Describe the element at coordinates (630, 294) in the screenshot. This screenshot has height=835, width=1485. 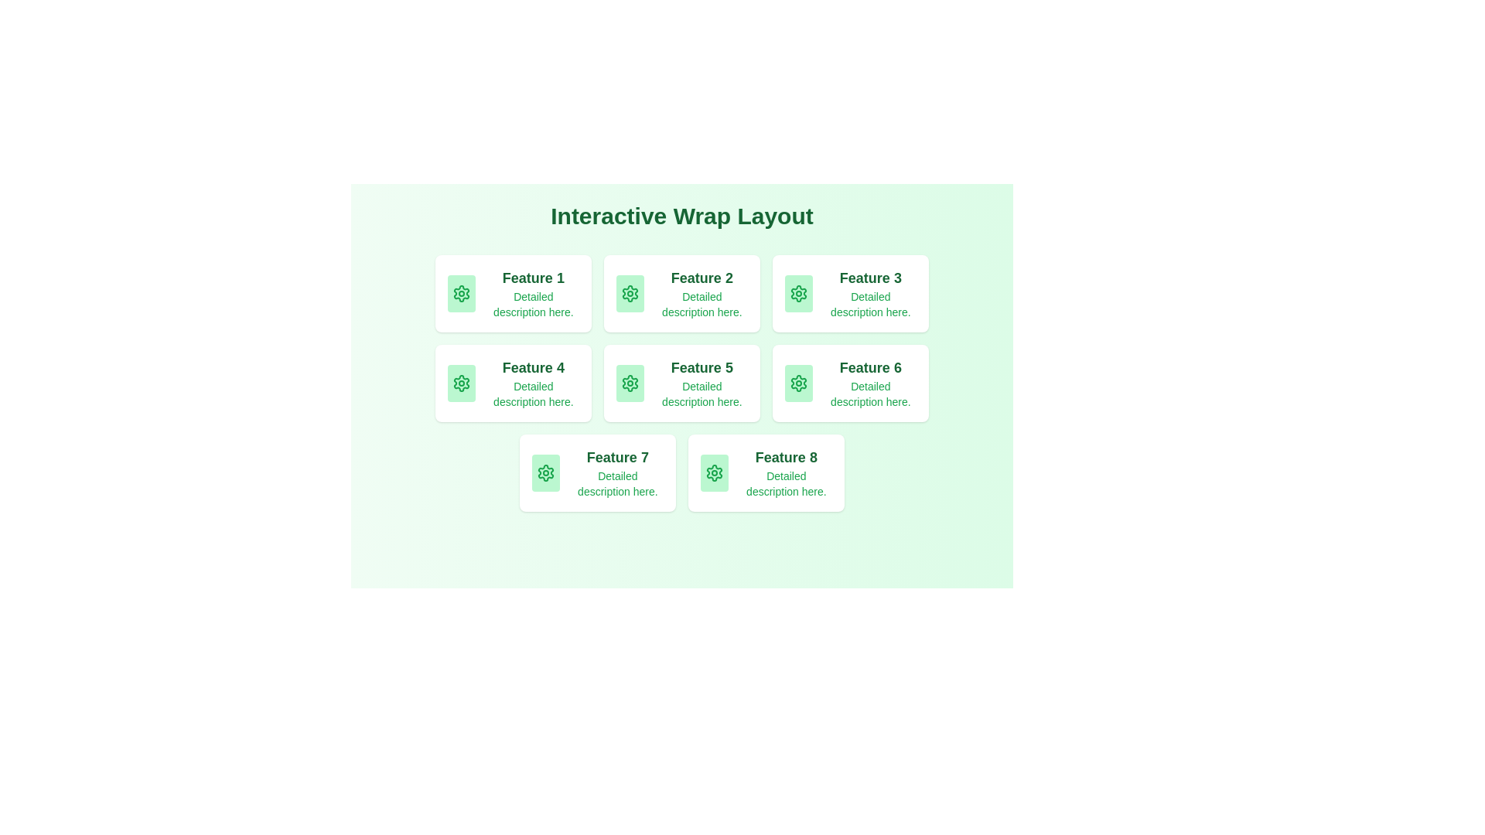
I see `the settings icon for 'Feature 2', which is located in the second position of the first row in the grid layout` at that location.